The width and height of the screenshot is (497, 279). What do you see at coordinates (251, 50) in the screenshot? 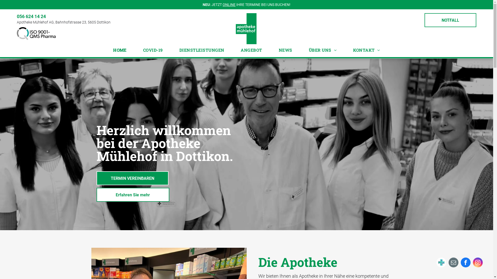
I see `'ANGEBOT'` at bounding box center [251, 50].